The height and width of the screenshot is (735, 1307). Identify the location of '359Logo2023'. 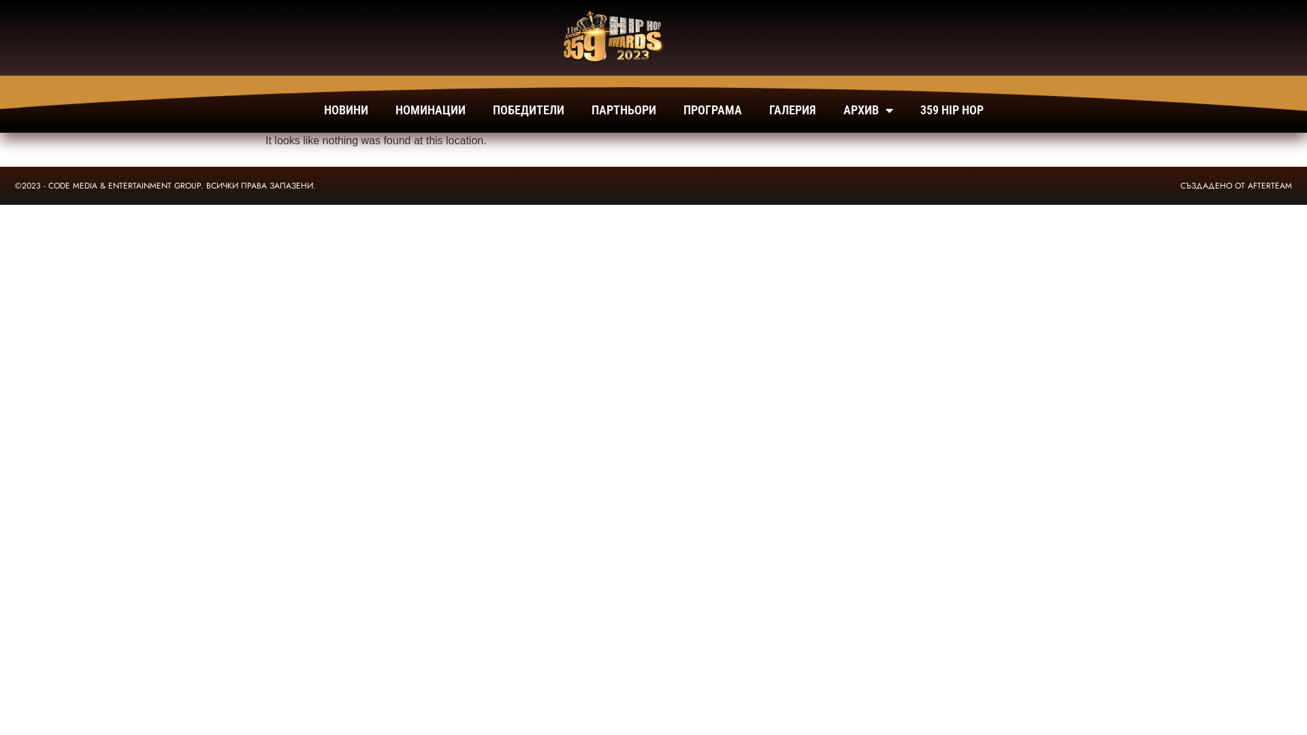
(608, 37).